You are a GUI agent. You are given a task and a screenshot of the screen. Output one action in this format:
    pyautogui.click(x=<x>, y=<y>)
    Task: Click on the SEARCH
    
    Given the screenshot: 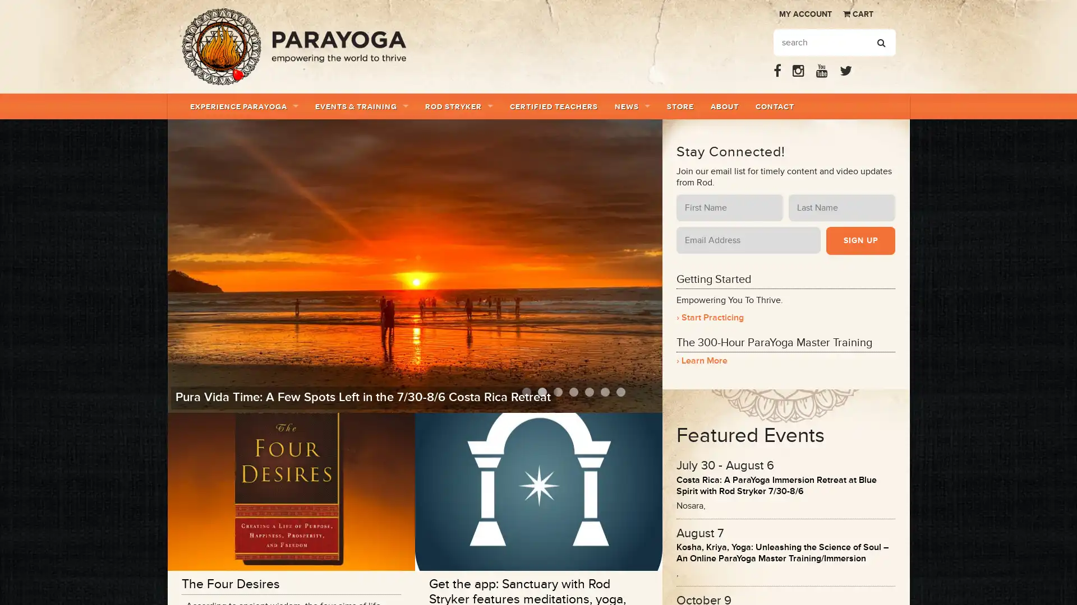 What is the action you would take?
    pyautogui.click(x=880, y=43)
    